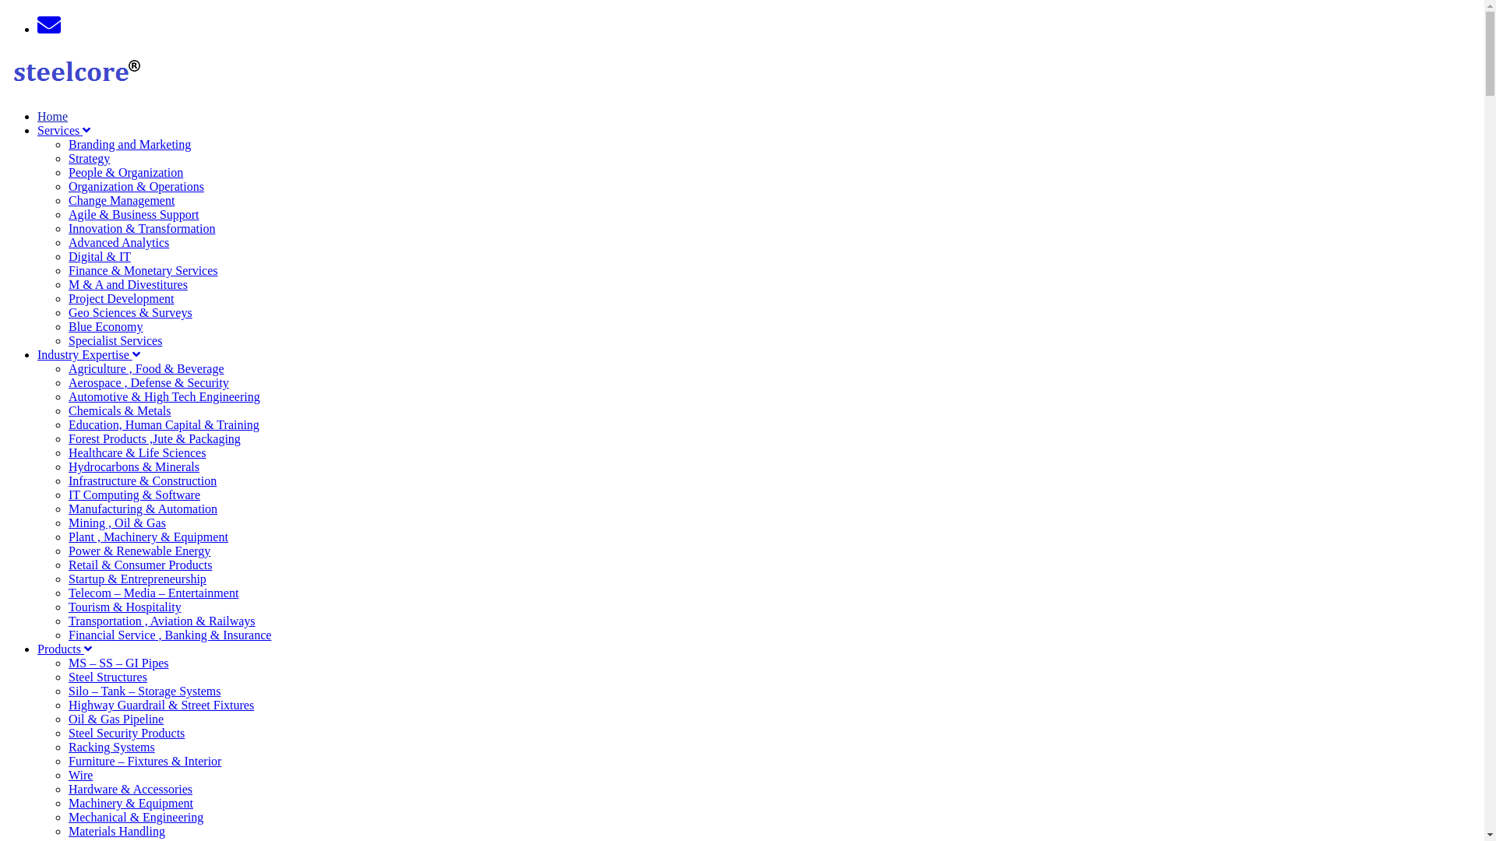 This screenshot has width=1496, height=841. I want to click on 'Automotive & High Tech Engineering', so click(164, 396).